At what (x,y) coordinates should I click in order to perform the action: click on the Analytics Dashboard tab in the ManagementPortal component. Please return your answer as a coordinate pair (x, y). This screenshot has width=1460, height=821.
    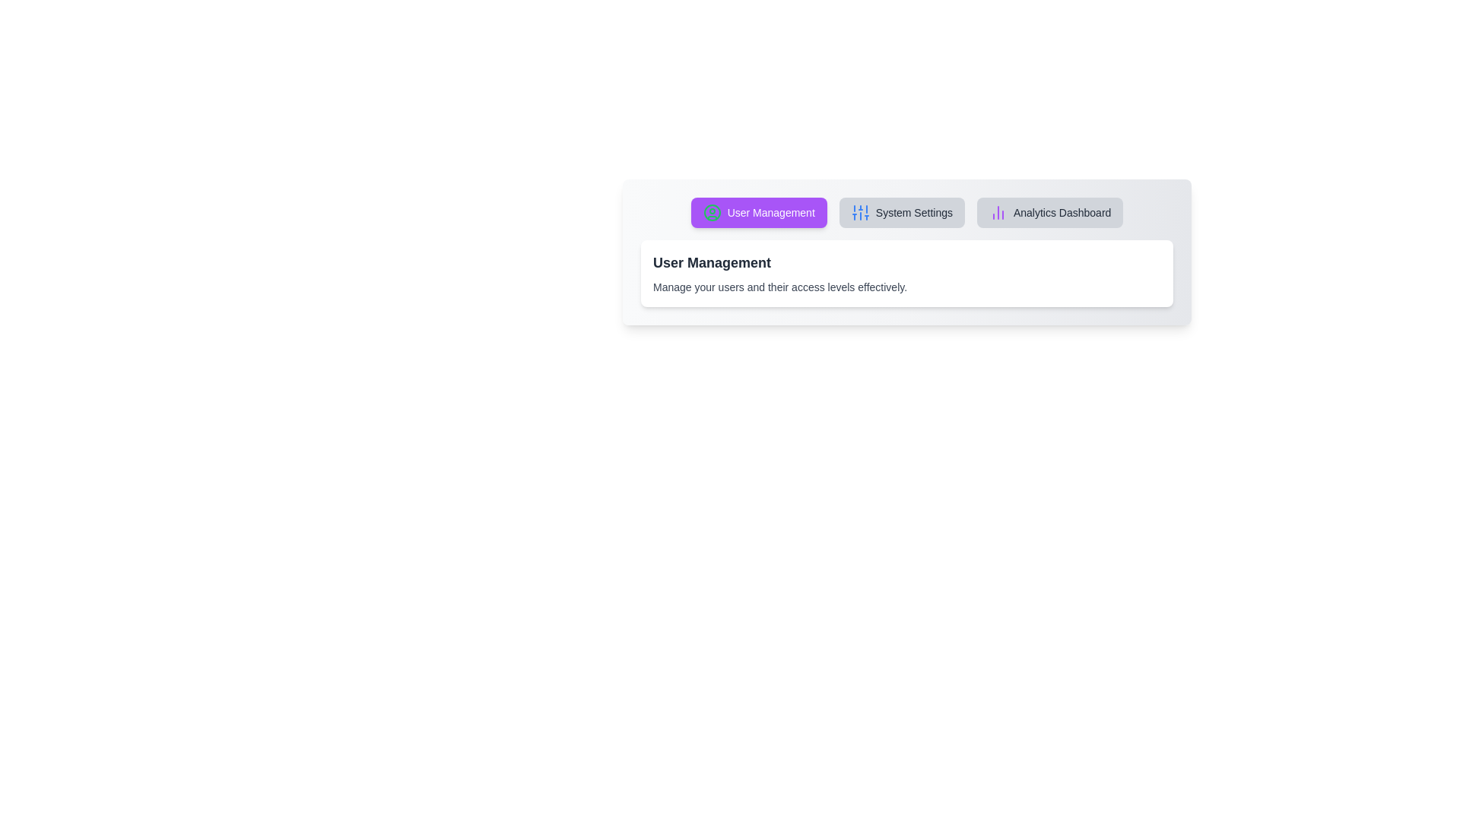
    Looking at the image, I should click on (1049, 213).